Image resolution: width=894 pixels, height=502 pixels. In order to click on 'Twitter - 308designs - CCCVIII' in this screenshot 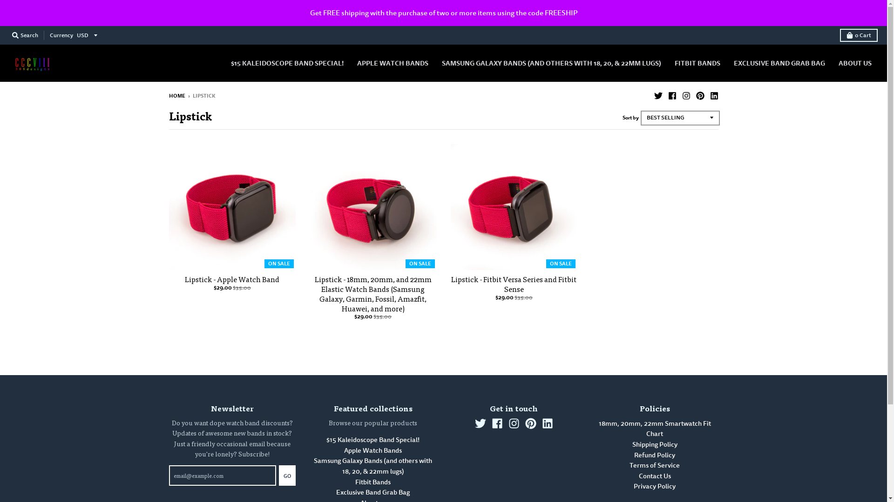, I will do `click(657, 95)`.